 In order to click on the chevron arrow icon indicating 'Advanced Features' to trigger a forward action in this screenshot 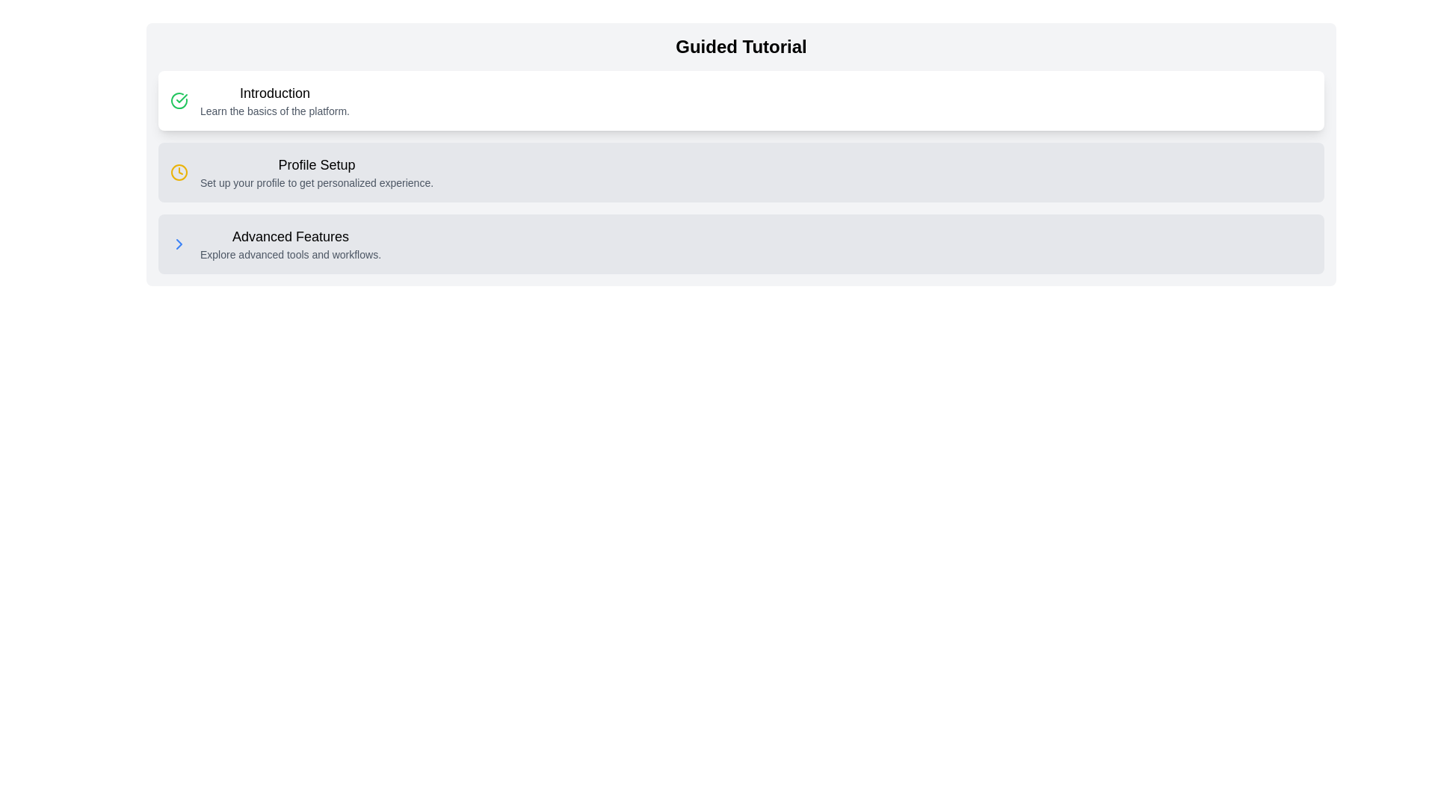, I will do `click(179, 244)`.